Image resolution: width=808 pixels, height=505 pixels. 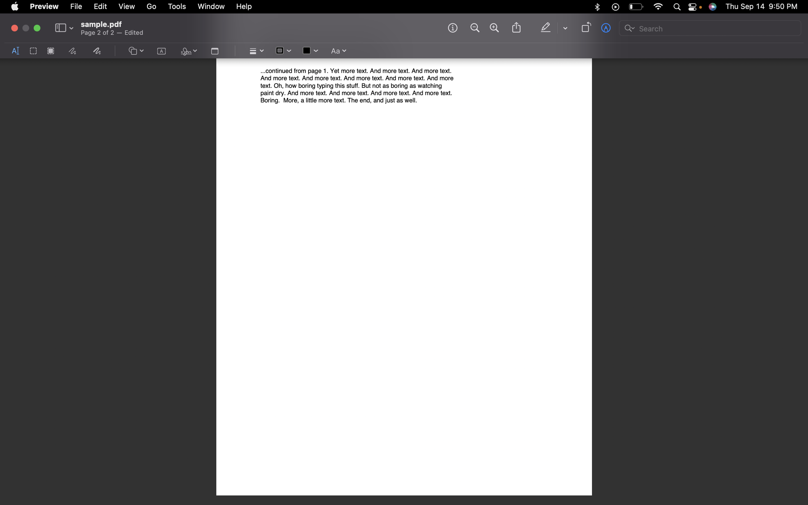 What do you see at coordinates (187, 51) in the screenshot?
I see `Incorporate your autograph into the document` at bounding box center [187, 51].